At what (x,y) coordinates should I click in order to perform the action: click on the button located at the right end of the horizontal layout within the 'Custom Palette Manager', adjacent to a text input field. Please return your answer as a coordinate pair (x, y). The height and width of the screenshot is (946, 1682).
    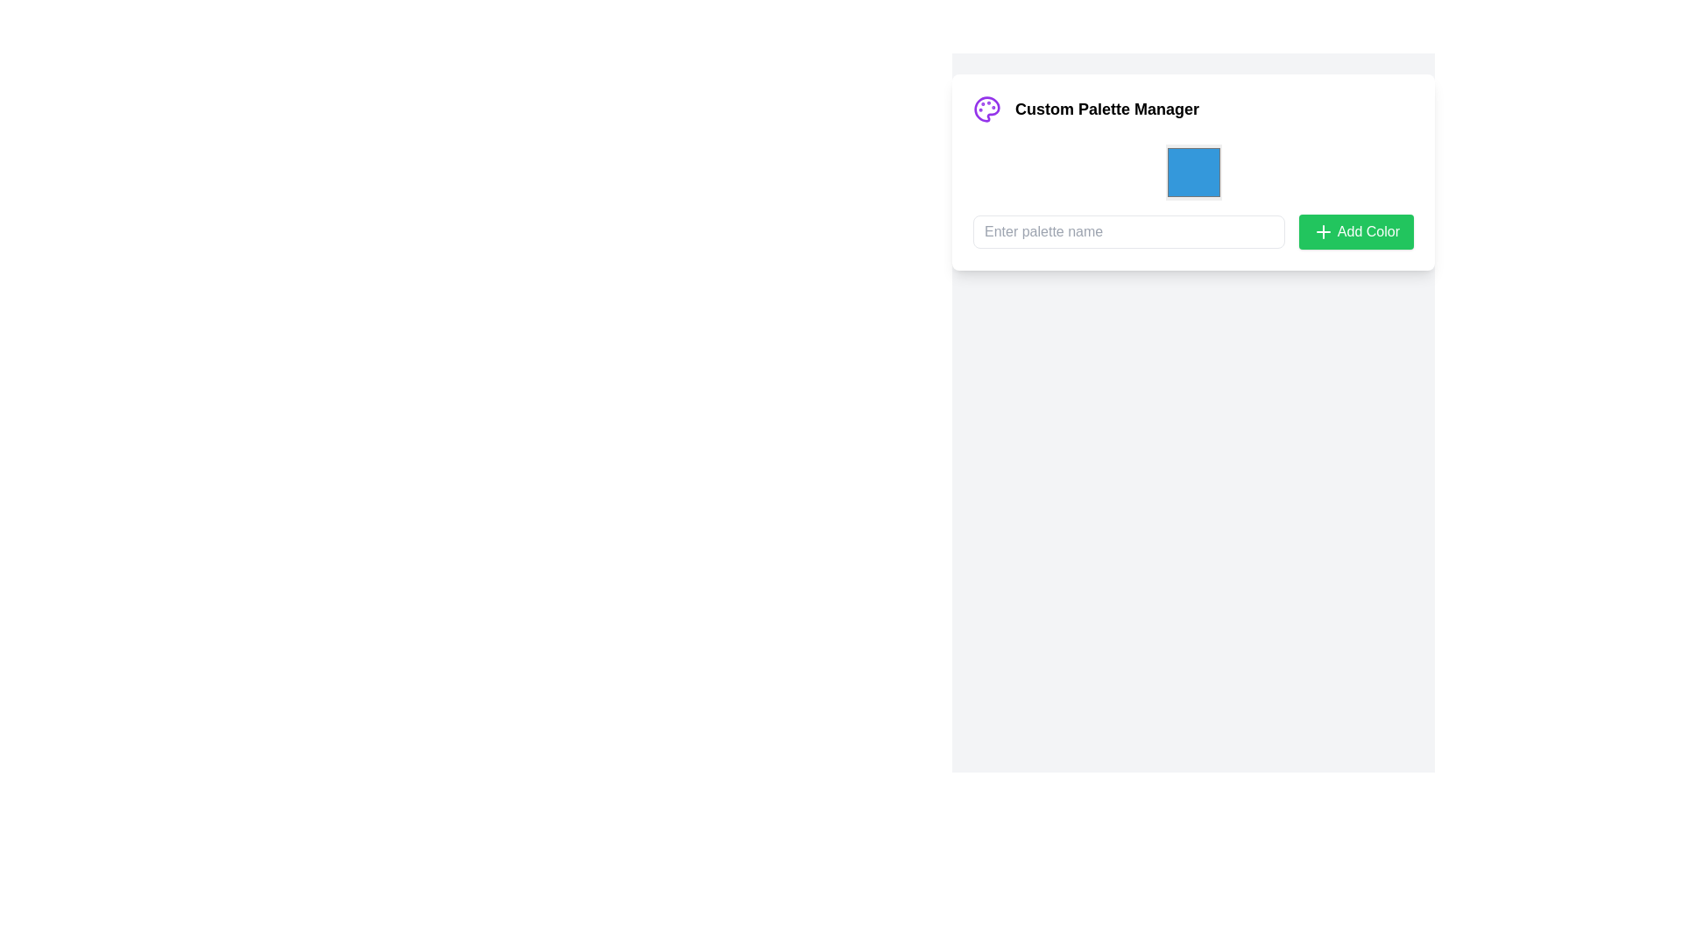
    Looking at the image, I should click on (1355, 231).